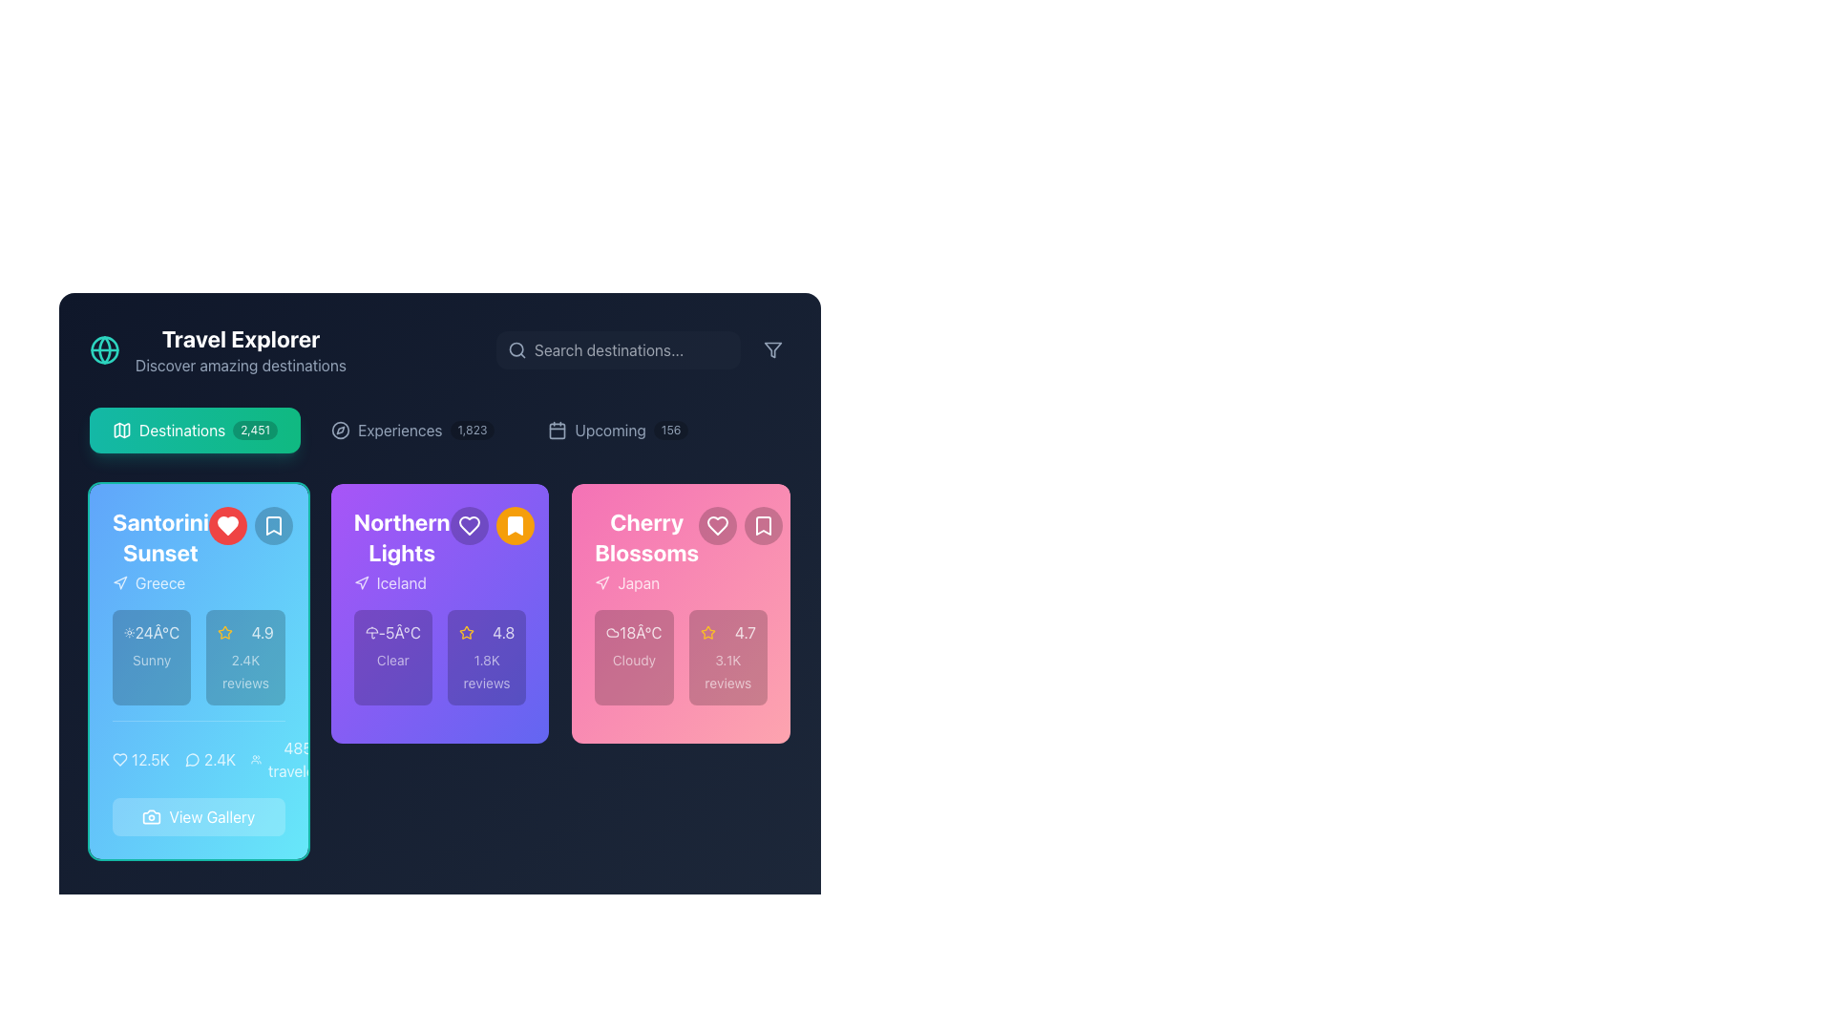 Image resolution: width=1833 pixels, height=1031 pixels. What do you see at coordinates (646, 551) in the screenshot?
I see `text displayed in the label with the title 'Cherry Blossoms' and sub-text 'Japan' located in the top-left section of the pink card, specifically the third card from the left` at bounding box center [646, 551].